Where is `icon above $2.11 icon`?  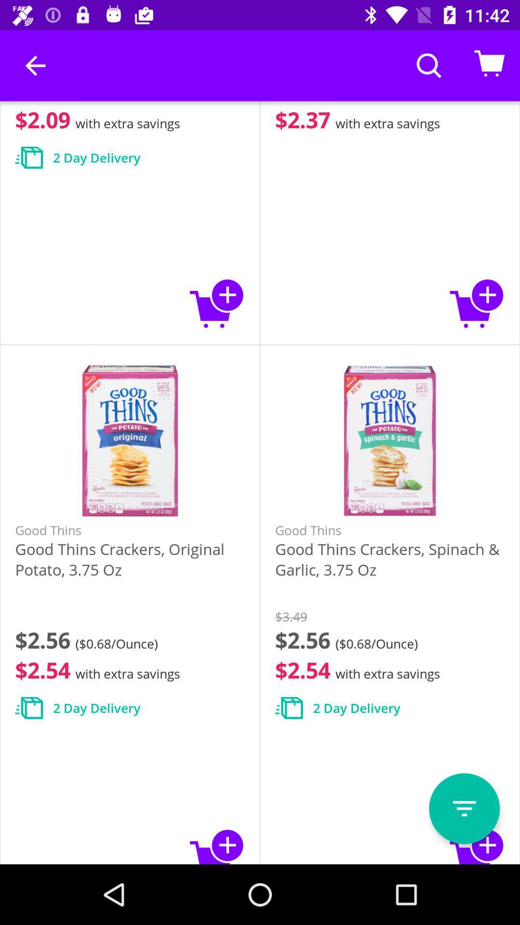
icon above $2.11 icon is located at coordinates (35, 65).